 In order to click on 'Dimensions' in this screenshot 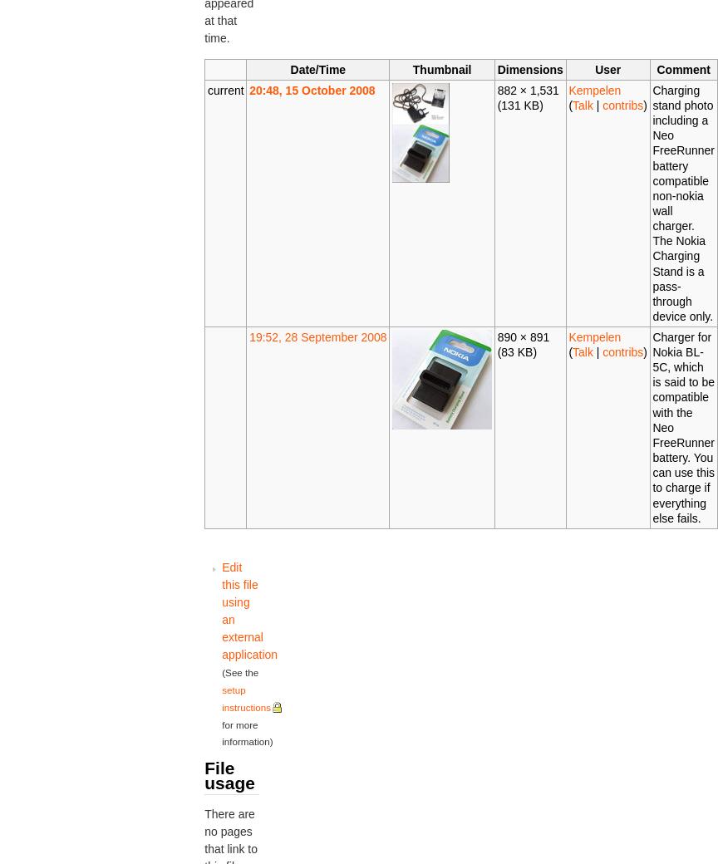, I will do `click(529, 69)`.